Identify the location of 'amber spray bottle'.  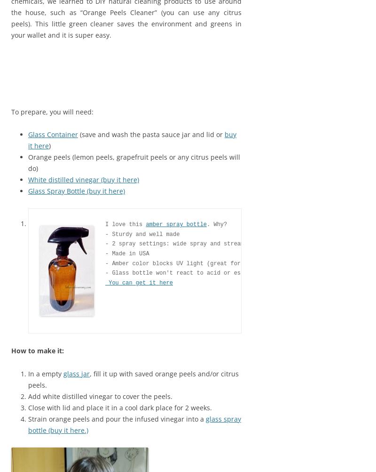
(176, 224).